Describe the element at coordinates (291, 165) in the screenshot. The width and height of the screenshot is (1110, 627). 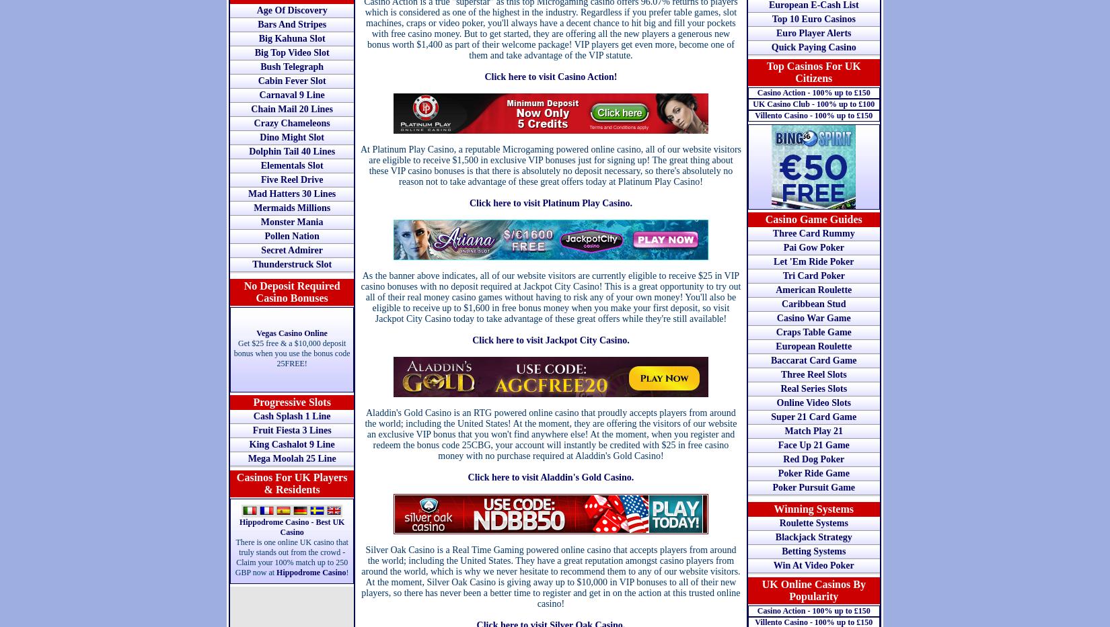
I see `'Elementals
                      Slot'` at that location.